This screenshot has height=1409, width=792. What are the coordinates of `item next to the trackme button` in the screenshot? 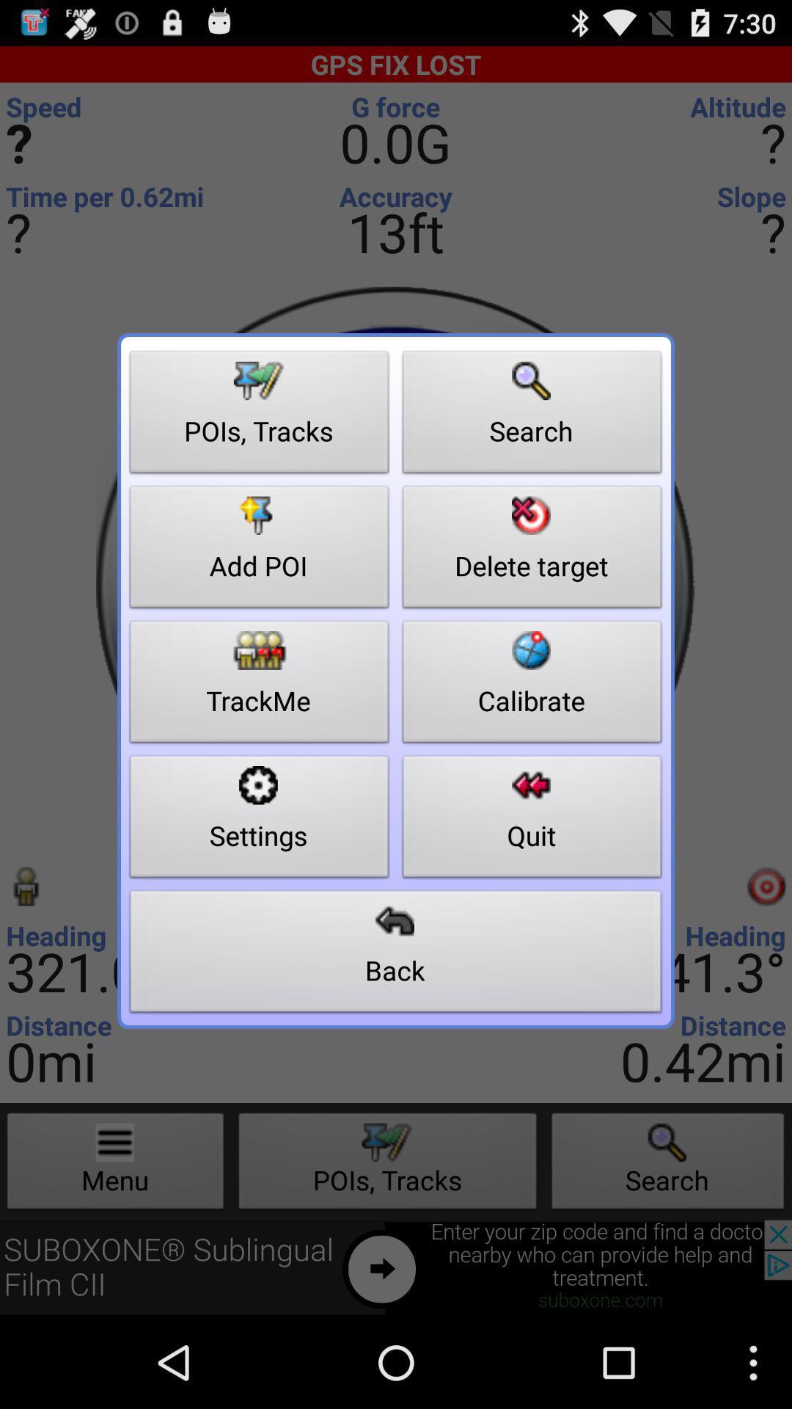 It's located at (532, 820).